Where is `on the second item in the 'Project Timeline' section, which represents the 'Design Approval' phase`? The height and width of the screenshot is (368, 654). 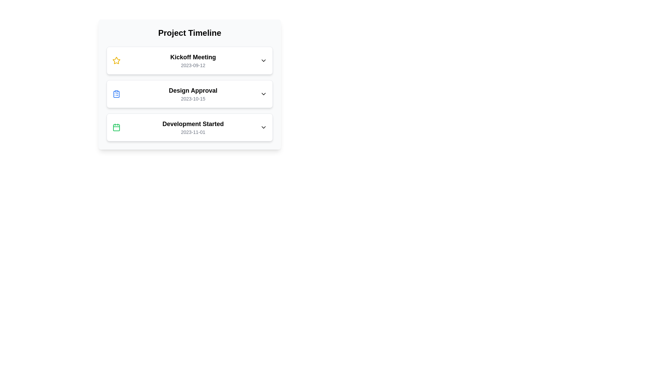
on the second item in the 'Project Timeline' section, which represents the 'Design Approval' phase is located at coordinates (189, 84).